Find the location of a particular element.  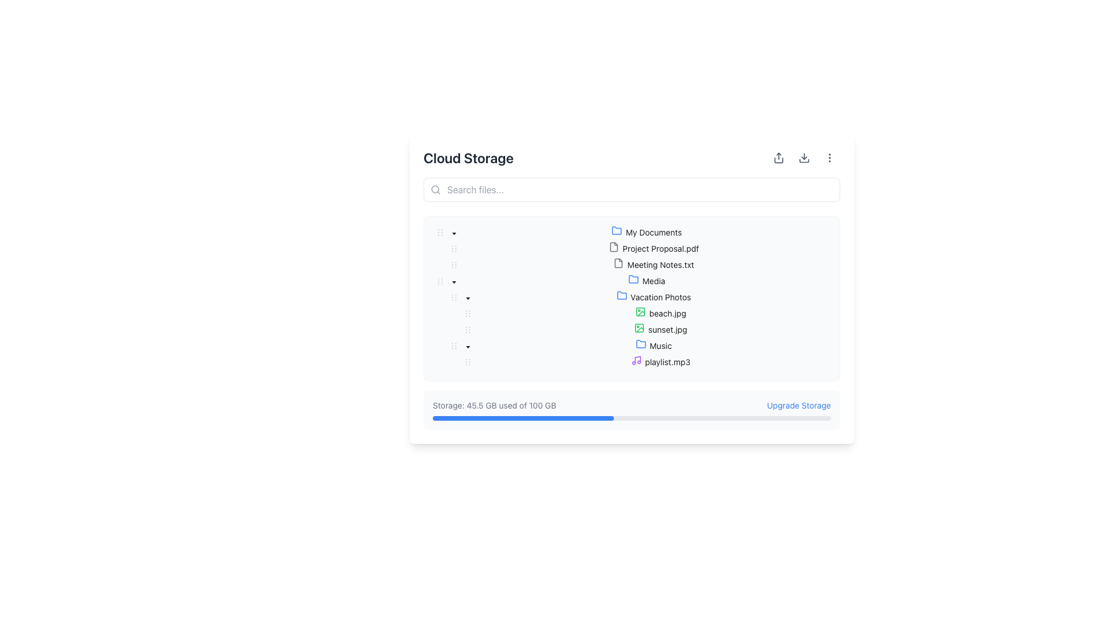

the 'playlist.mp3' text entry with a purple music icon in the file explorer is located at coordinates (631, 361).